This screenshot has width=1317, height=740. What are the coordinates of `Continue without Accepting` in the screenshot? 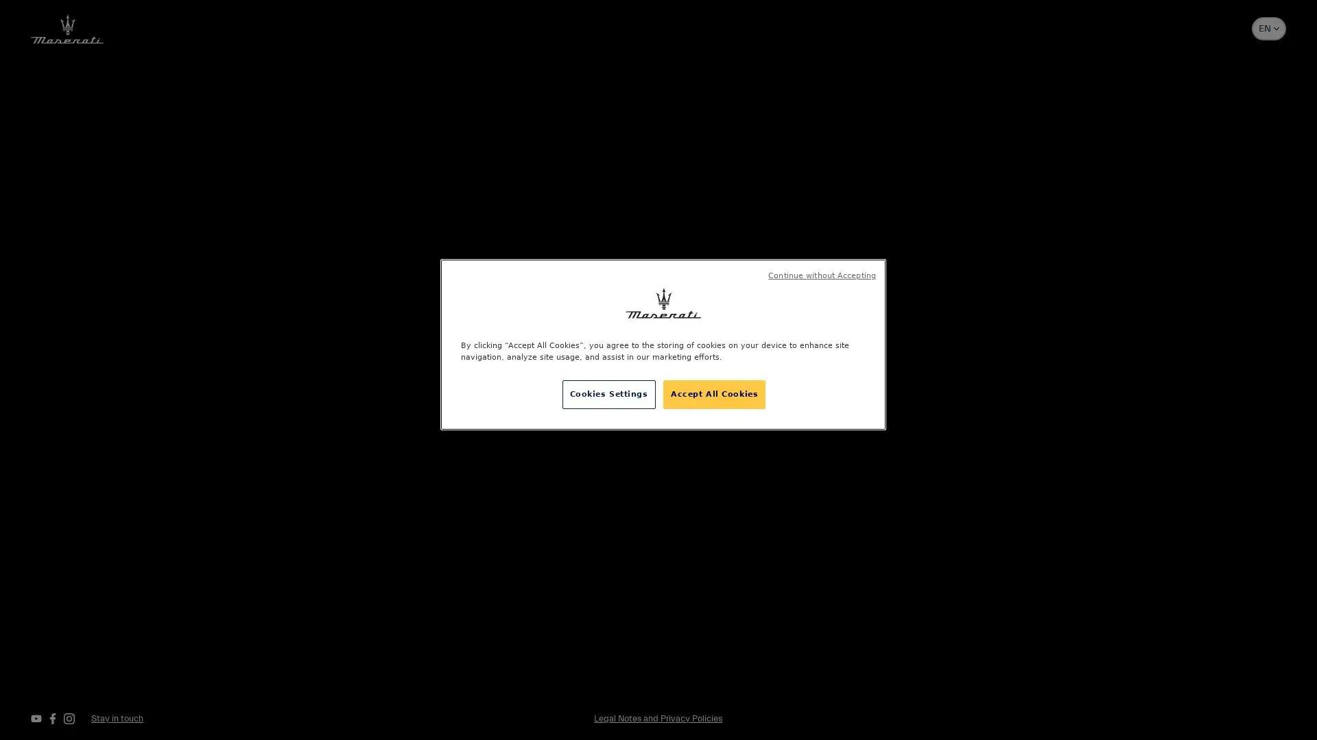 It's located at (822, 275).